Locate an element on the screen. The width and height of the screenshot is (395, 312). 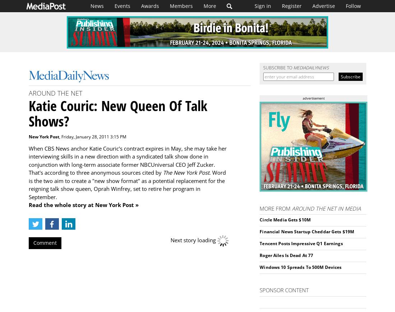
'Register' is located at coordinates (292, 6).